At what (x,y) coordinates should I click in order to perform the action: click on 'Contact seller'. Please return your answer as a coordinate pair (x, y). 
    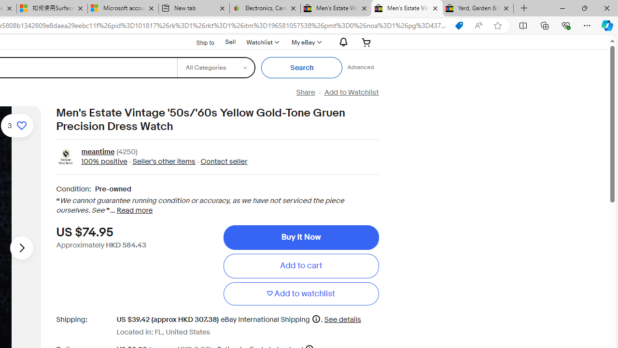
    Looking at the image, I should click on (224, 161).